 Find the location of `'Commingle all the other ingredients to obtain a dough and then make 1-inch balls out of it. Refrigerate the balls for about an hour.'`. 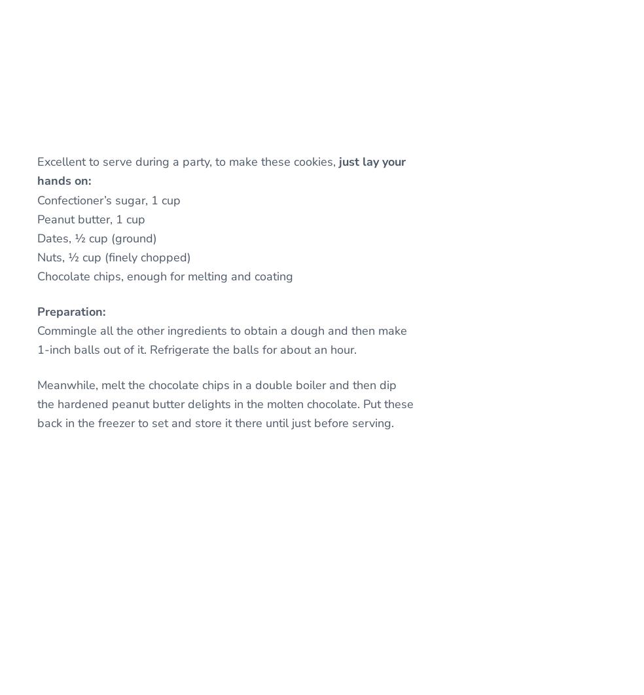

'Commingle all the other ingredients to obtain a dough and then make 1-inch balls out of it. Refrigerate the balls for about an hour.' is located at coordinates (36, 340).